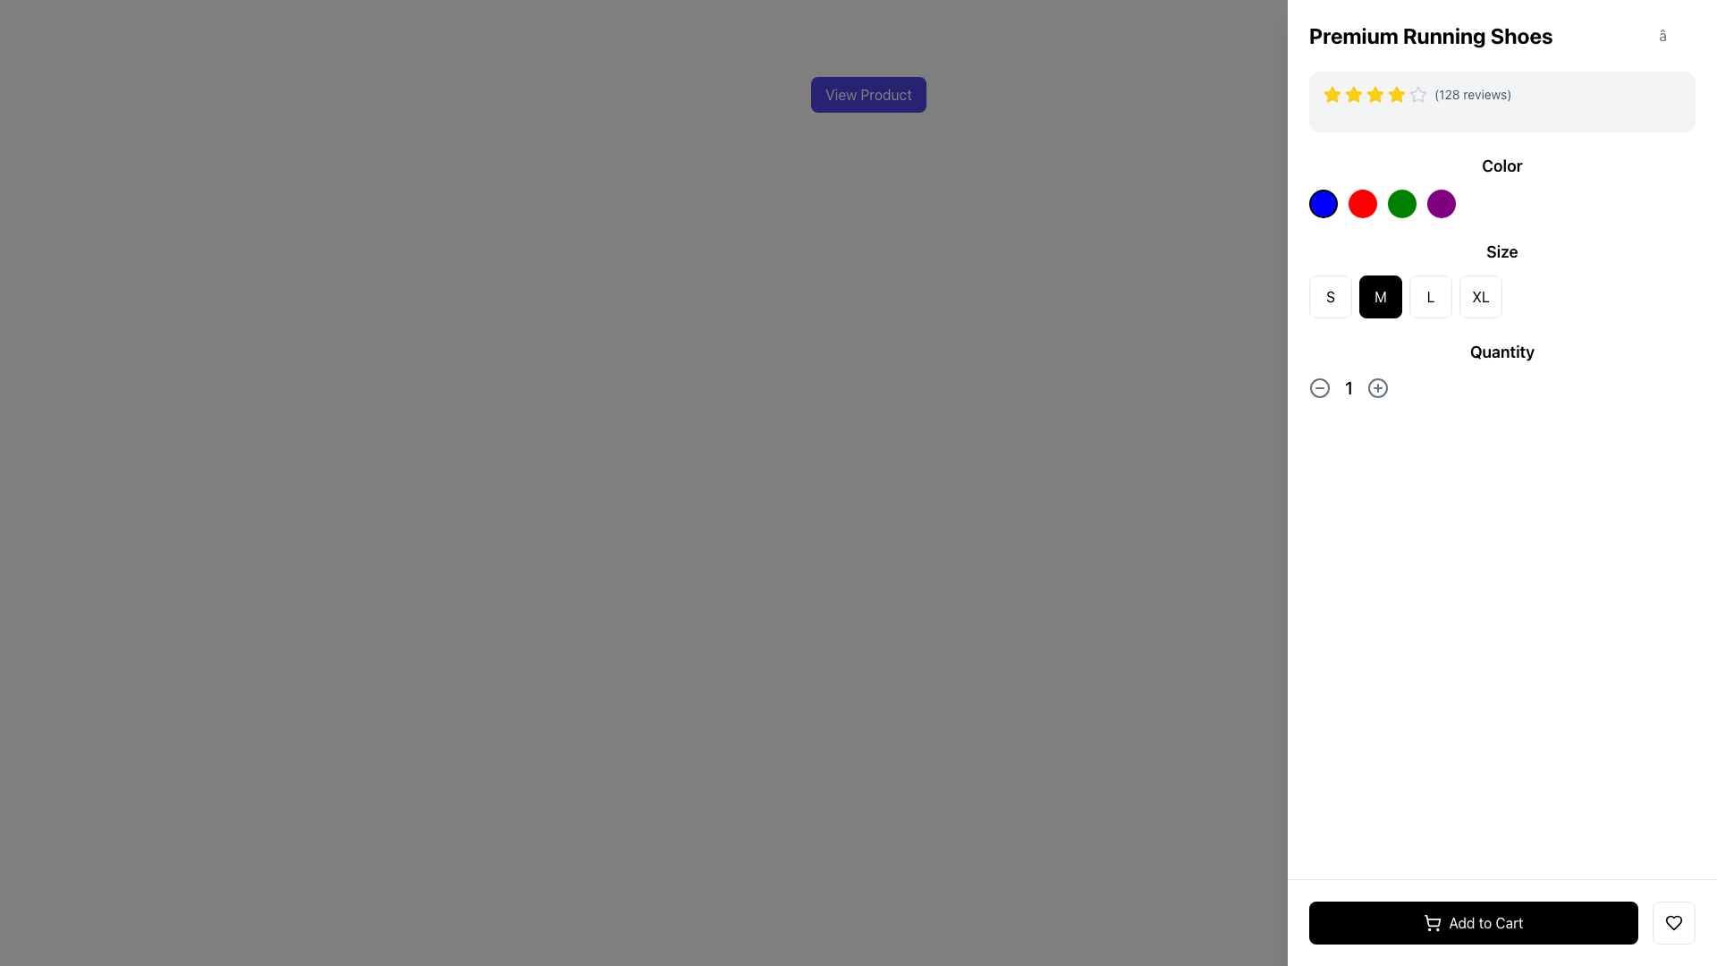 This screenshot has width=1717, height=966. Describe the element at coordinates (1417, 94) in the screenshot. I see `the unselected rating star, which is the fifth star in a horizontal group of five stars located under the product name` at that location.